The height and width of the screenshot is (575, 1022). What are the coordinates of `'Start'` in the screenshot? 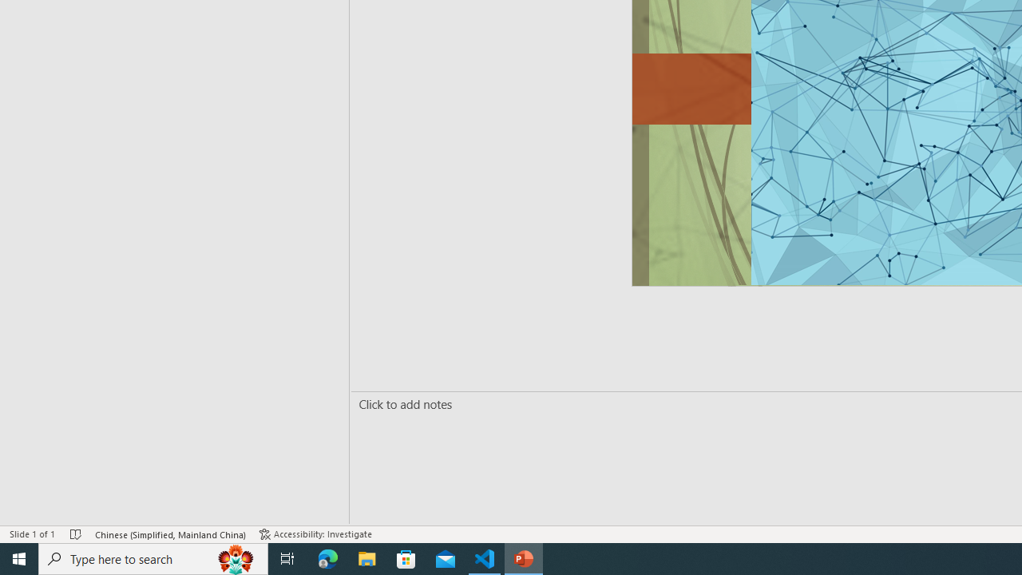 It's located at (19, 557).